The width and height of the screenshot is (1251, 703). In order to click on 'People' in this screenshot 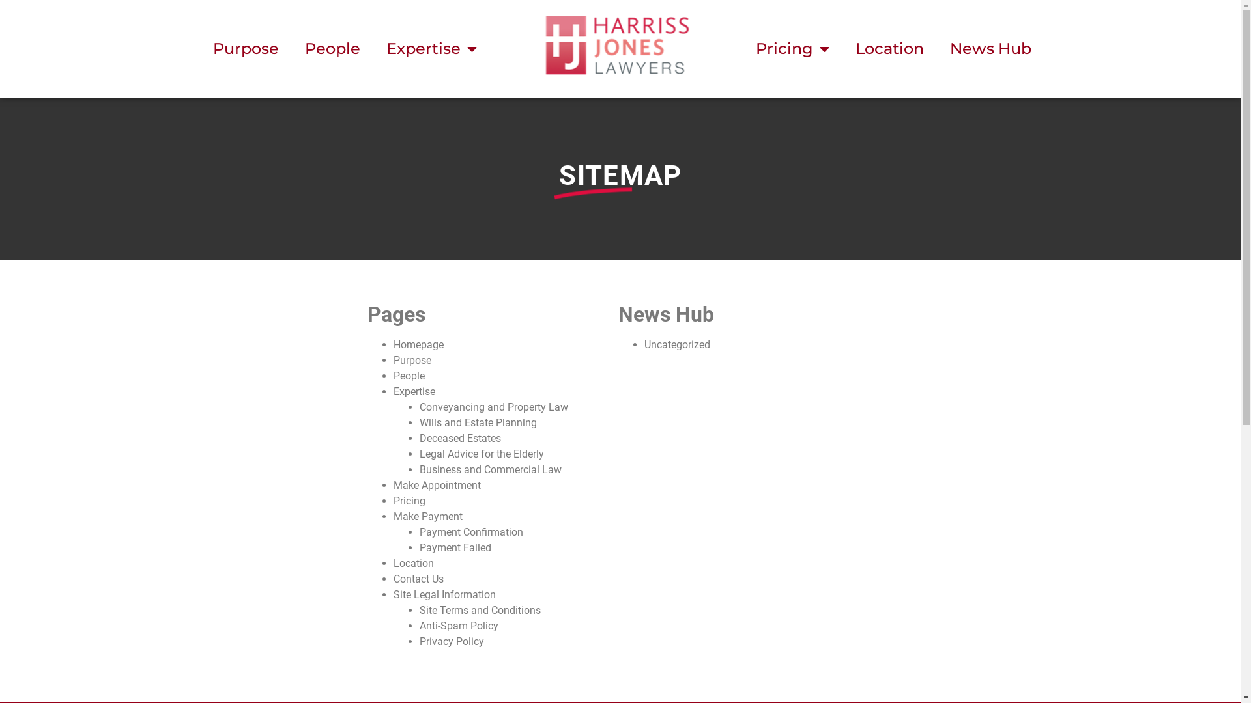, I will do `click(393, 376)`.